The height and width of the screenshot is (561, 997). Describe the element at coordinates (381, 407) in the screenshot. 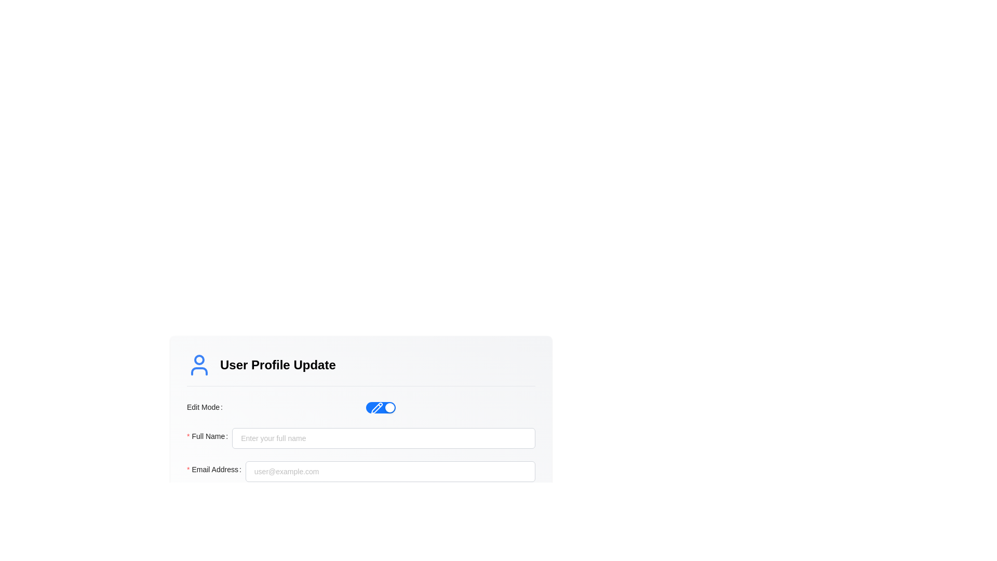

I see `the toggle switch located to the right of the 'Edit Mode:' label in the User Profile Update form` at that location.